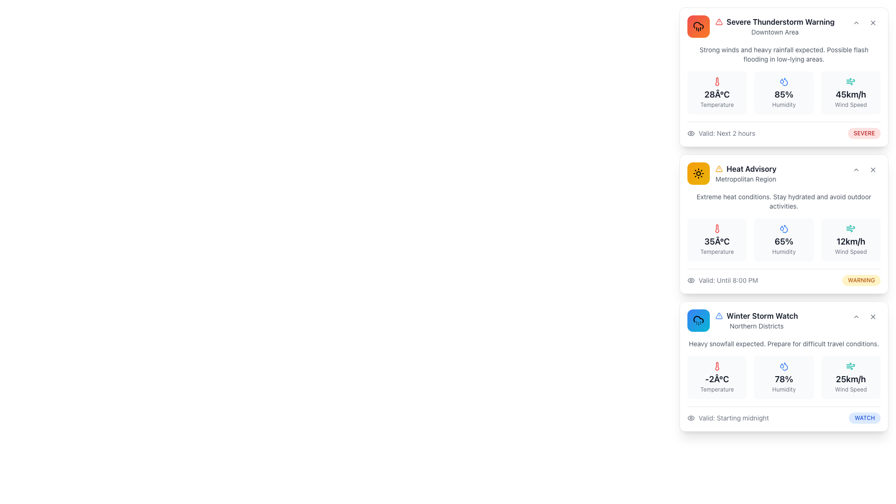 The width and height of the screenshot is (896, 504). I want to click on the weather icon indicating 'Severe Thunderstorm Warning', which is located in the top left area of the first weather warning card and is centered inside a rounded square with a red-to-orange gradient, so click(699, 26).